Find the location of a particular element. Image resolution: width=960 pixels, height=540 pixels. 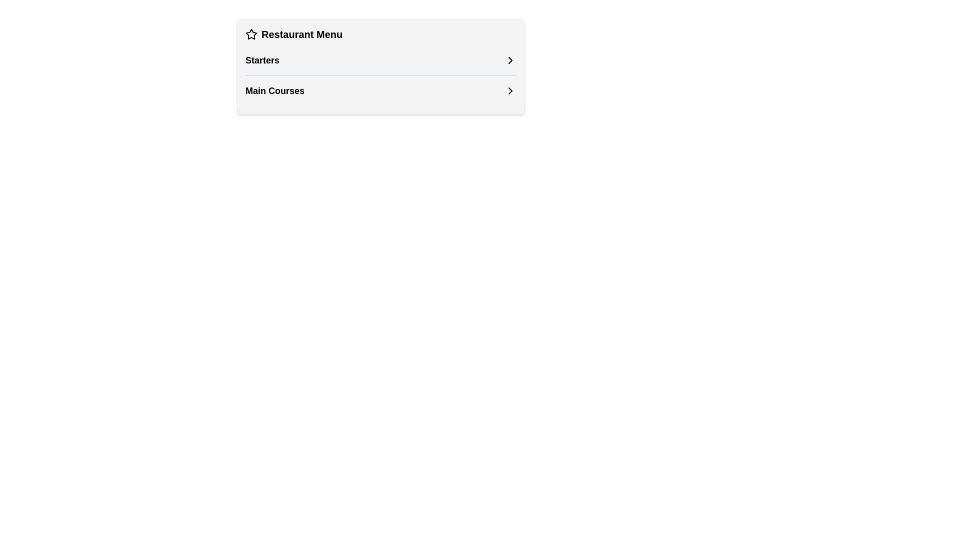

the 'Starters' menu item, which is styled with a large bold font and is positioned between 'Restaurant Menu' and 'Main Courses' is located at coordinates (262, 60).